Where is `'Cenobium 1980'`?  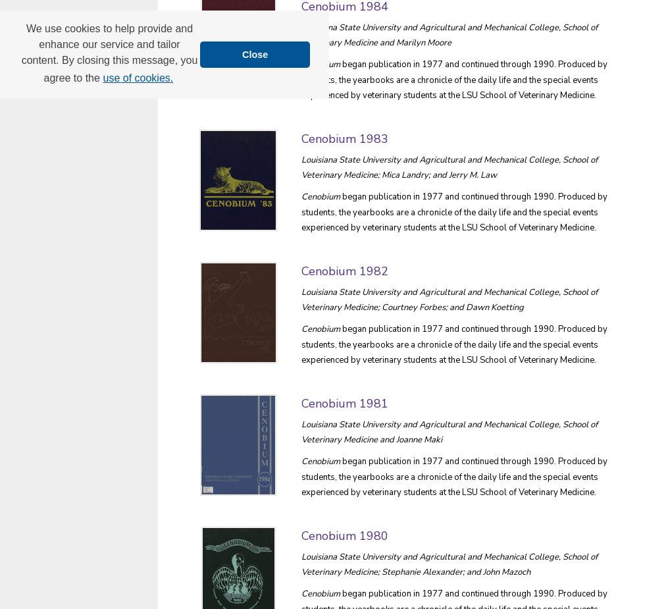
'Cenobium 1980' is located at coordinates (345, 535).